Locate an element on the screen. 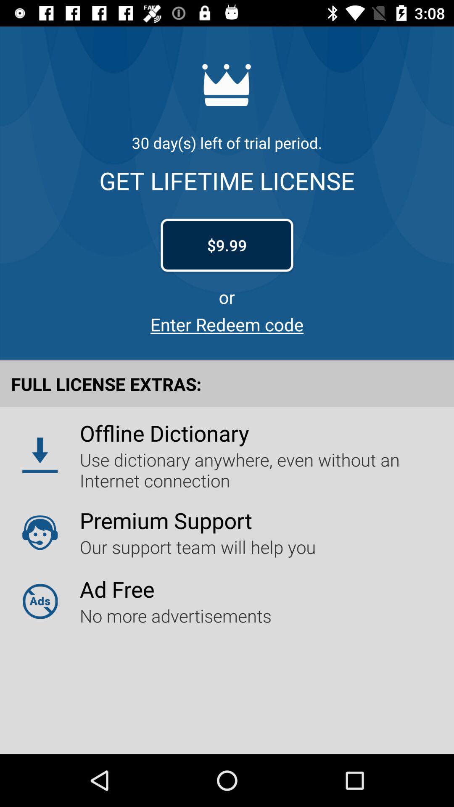  the button 999 is located at coordinates (227, 245).